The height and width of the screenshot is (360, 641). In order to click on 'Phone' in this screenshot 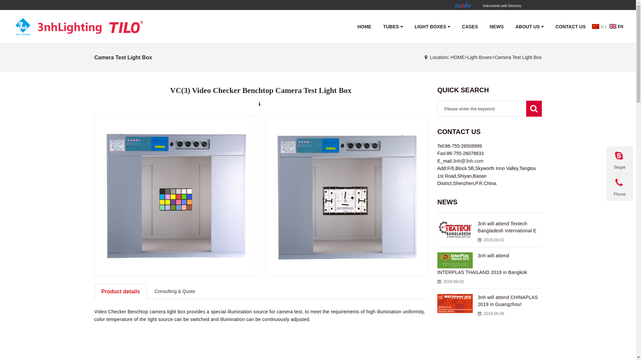, I will do `click(619, 187)`.